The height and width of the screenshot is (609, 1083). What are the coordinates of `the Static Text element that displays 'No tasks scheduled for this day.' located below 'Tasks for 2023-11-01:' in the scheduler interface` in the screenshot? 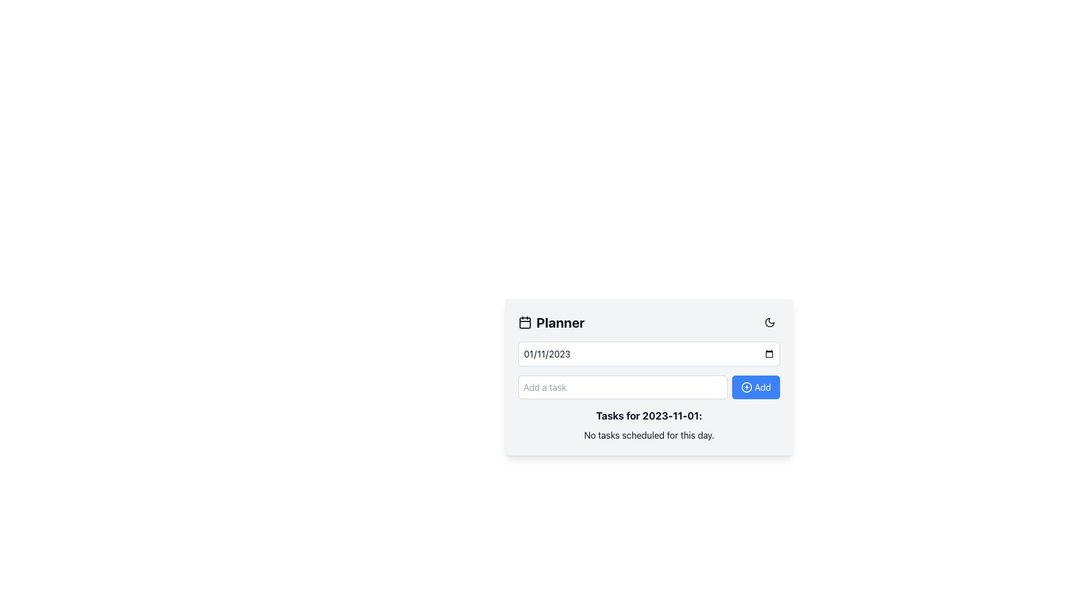 It's located at (649, 434).